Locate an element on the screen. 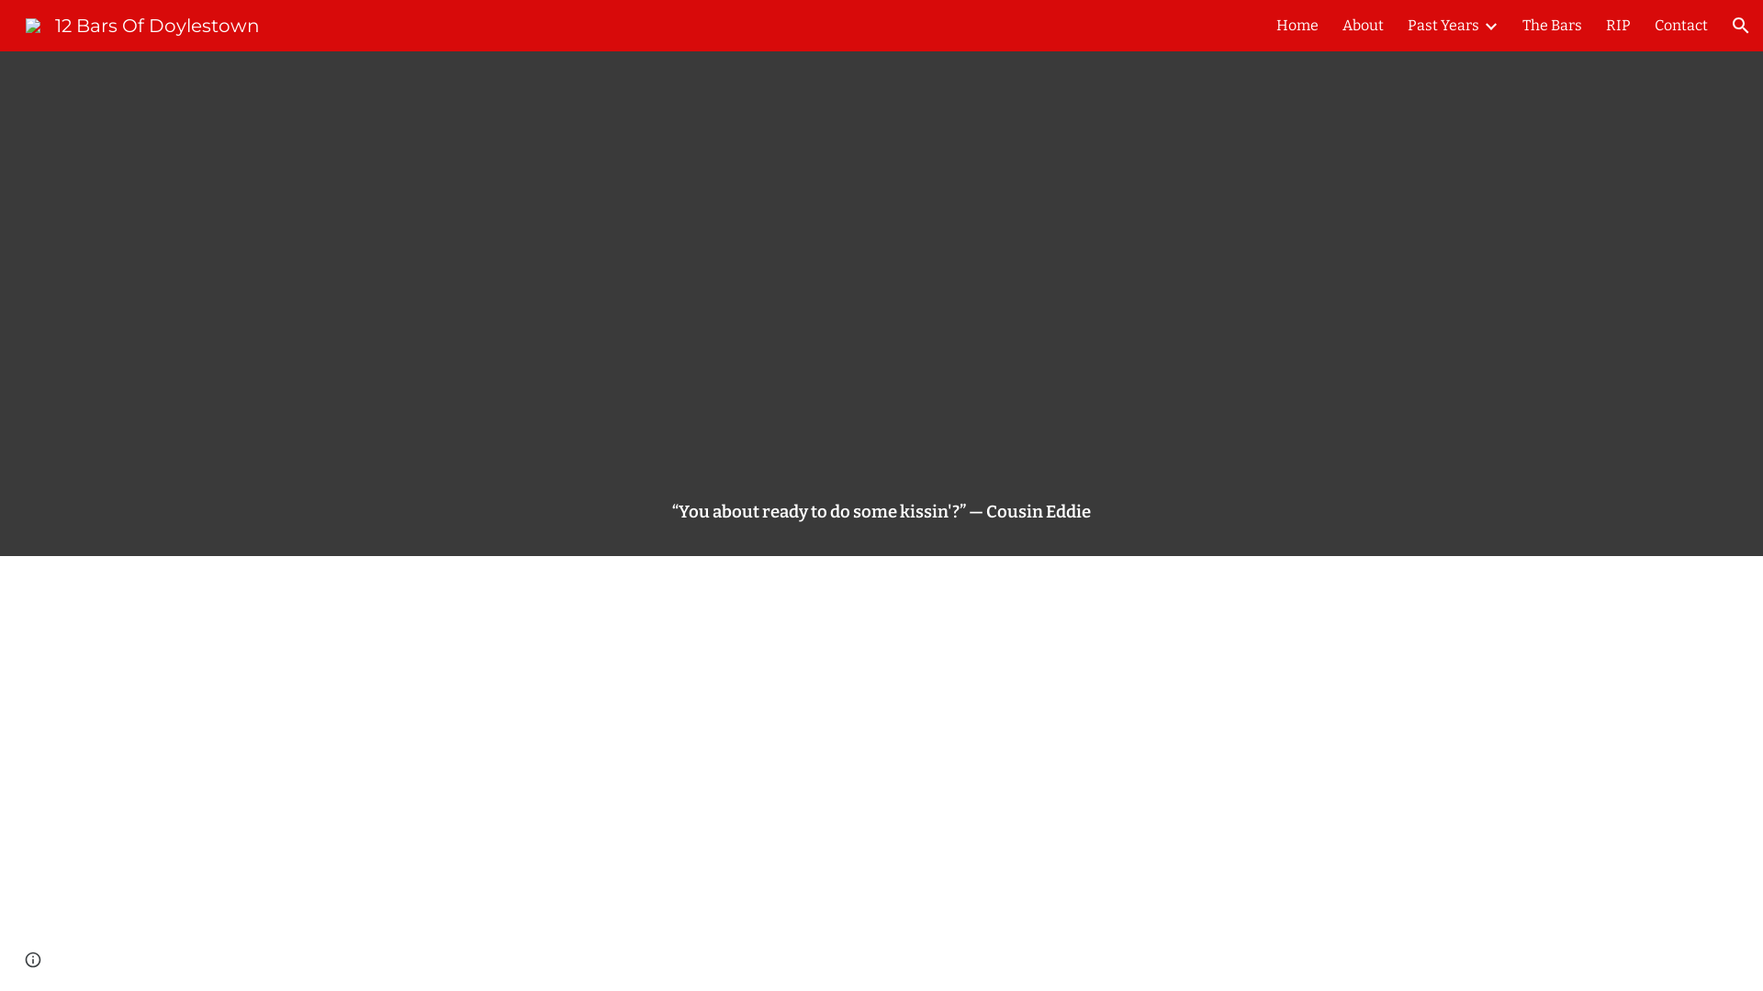  '12 Bars Of Doylestown' is located at coordinates (141, 24).